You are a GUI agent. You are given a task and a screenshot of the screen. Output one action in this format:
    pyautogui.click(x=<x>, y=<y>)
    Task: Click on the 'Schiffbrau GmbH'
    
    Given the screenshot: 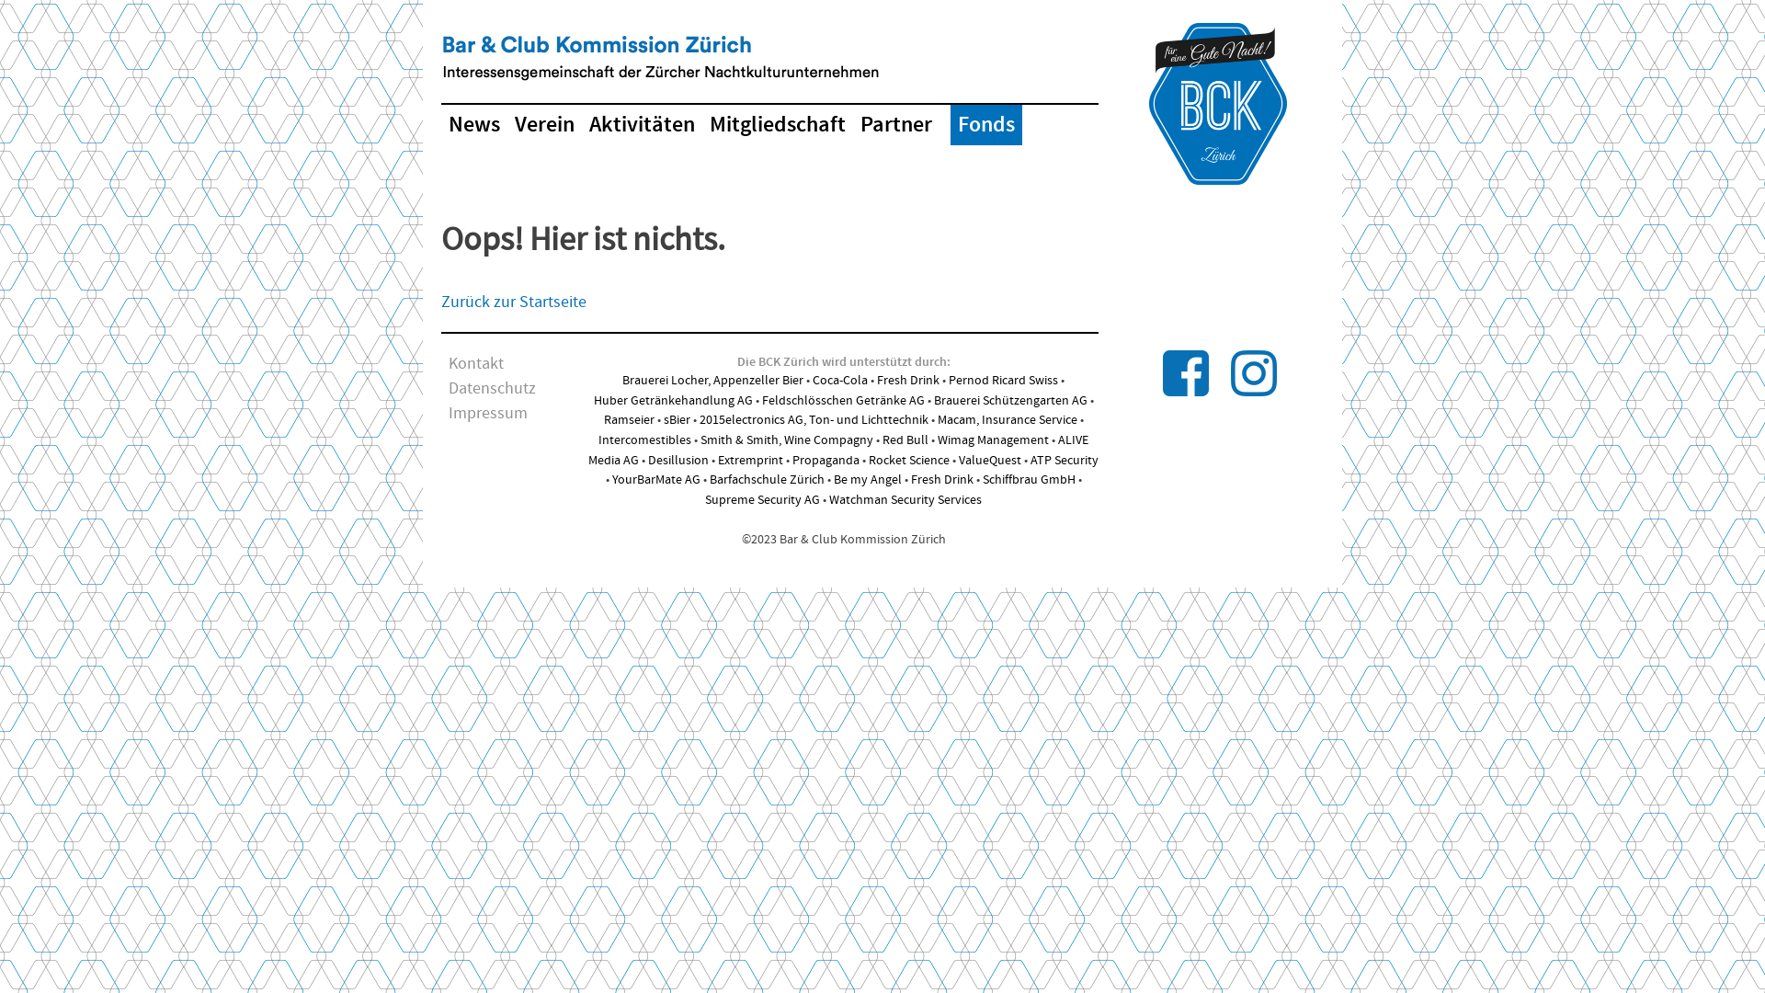 What is the action you would take?
    pyautogui.click(x=1027, y=478)
    